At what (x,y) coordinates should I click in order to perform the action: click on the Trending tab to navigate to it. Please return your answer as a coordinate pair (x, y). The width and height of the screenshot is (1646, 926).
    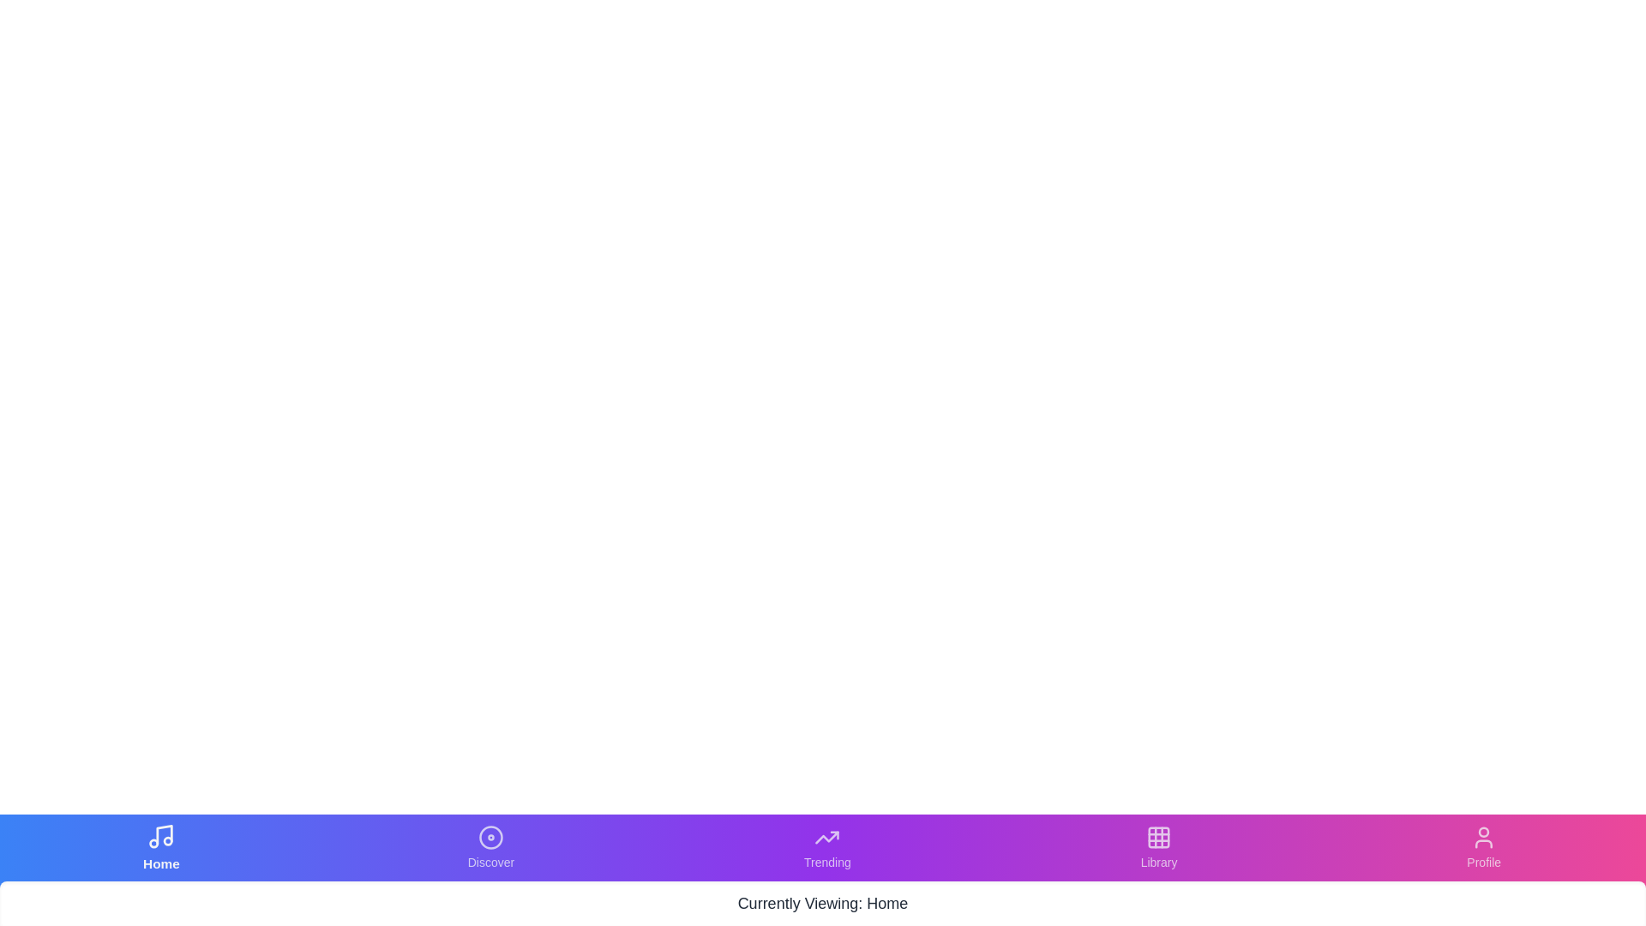
    Looking at the image, I should click on (827, 846).